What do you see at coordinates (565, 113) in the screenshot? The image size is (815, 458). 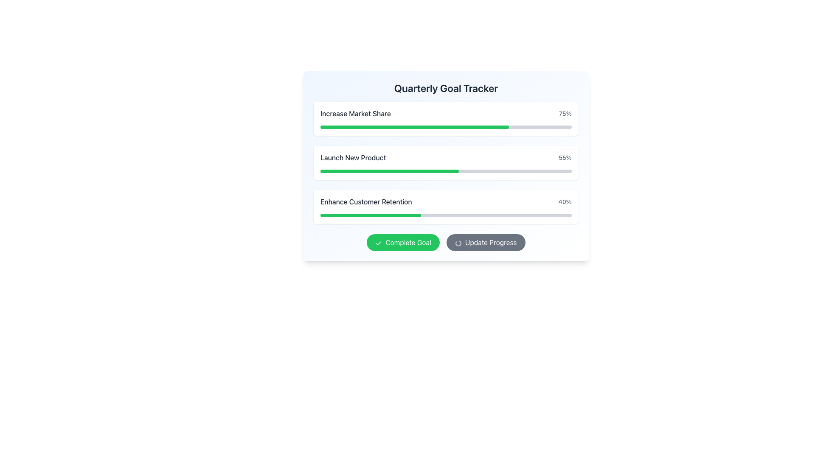 I see `text label displaying '75%' located at the right end of the components, adjacent to the green progress bar indicating completion level` at bounding box center [565, 113].